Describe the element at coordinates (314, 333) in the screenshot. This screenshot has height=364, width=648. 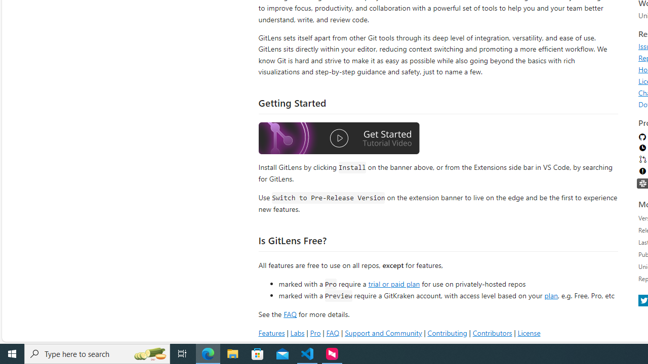
I see `'Pro'` at that location.